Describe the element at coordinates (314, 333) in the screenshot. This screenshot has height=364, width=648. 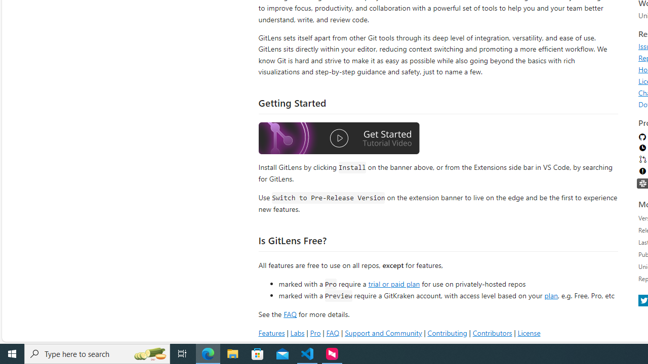
I see `'Pro'` at that location.